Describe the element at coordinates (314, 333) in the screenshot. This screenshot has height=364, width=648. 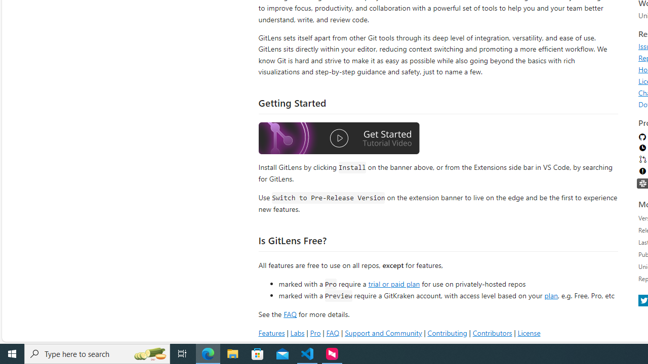
I see `'Pro'` at that location.